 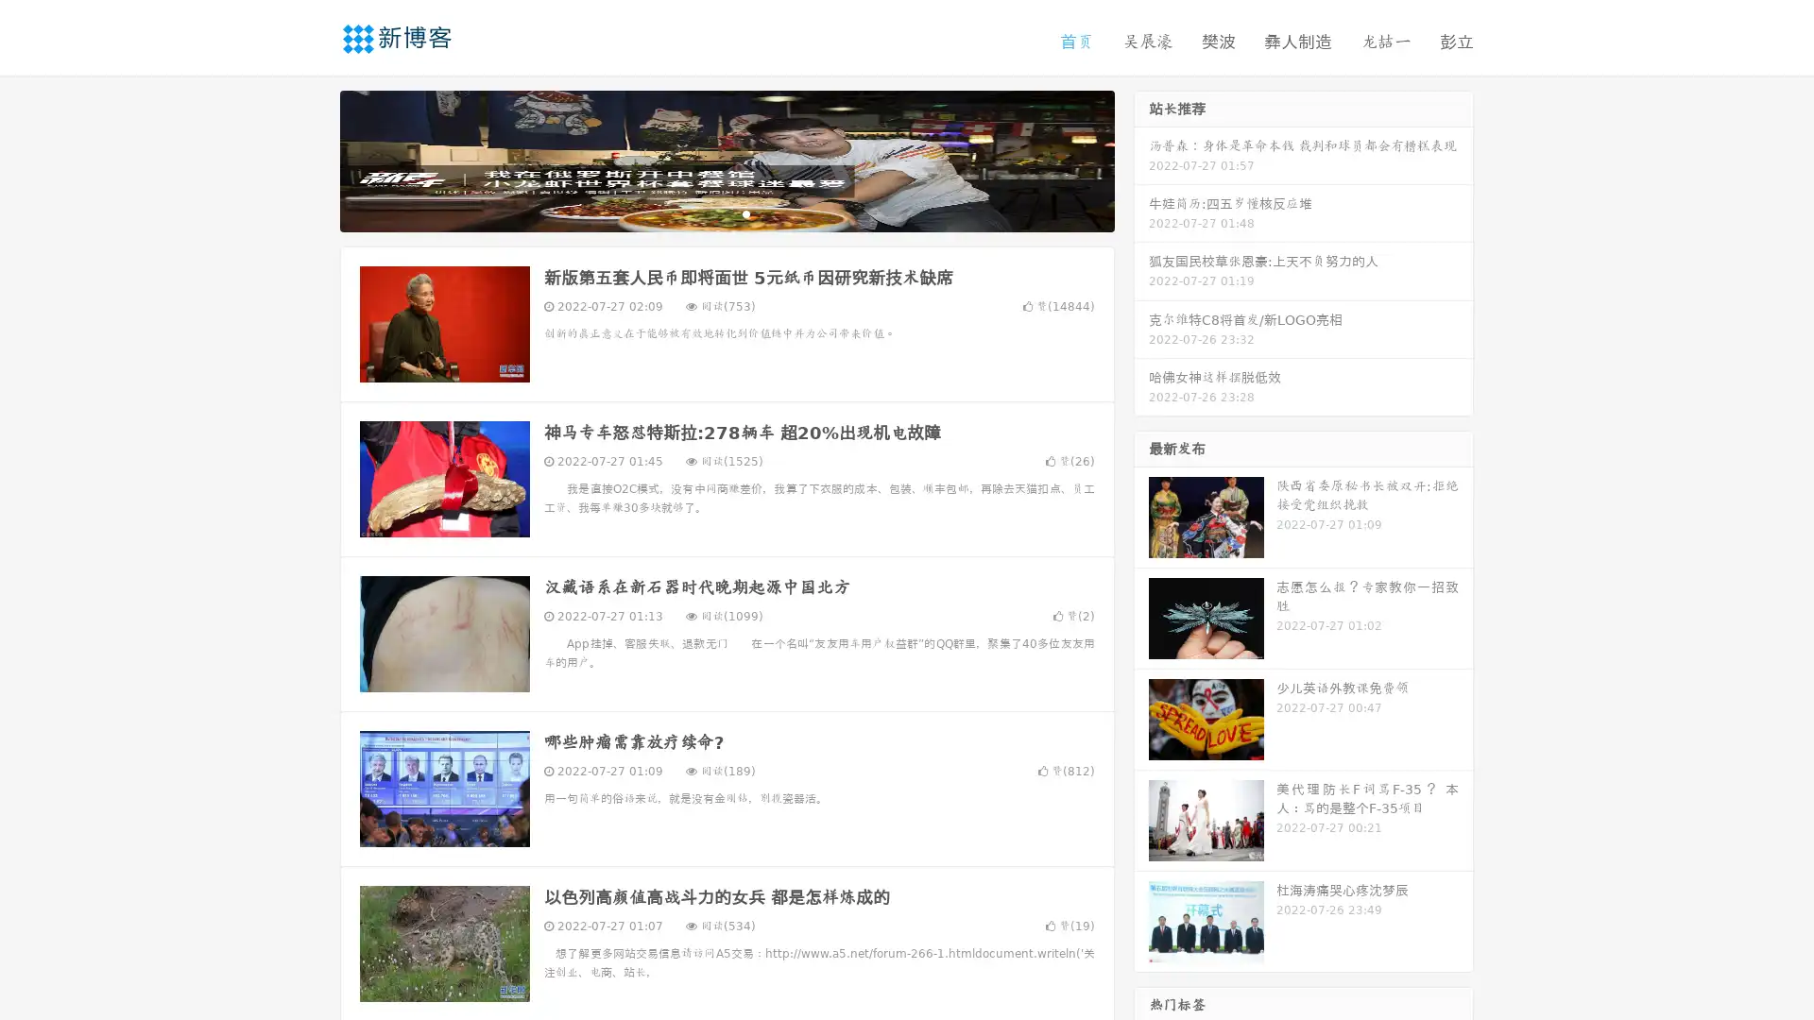 What do you see at coordinates (312, 159) in the screenshot?
I see `Previous slide` at bounding box center [312, 159].